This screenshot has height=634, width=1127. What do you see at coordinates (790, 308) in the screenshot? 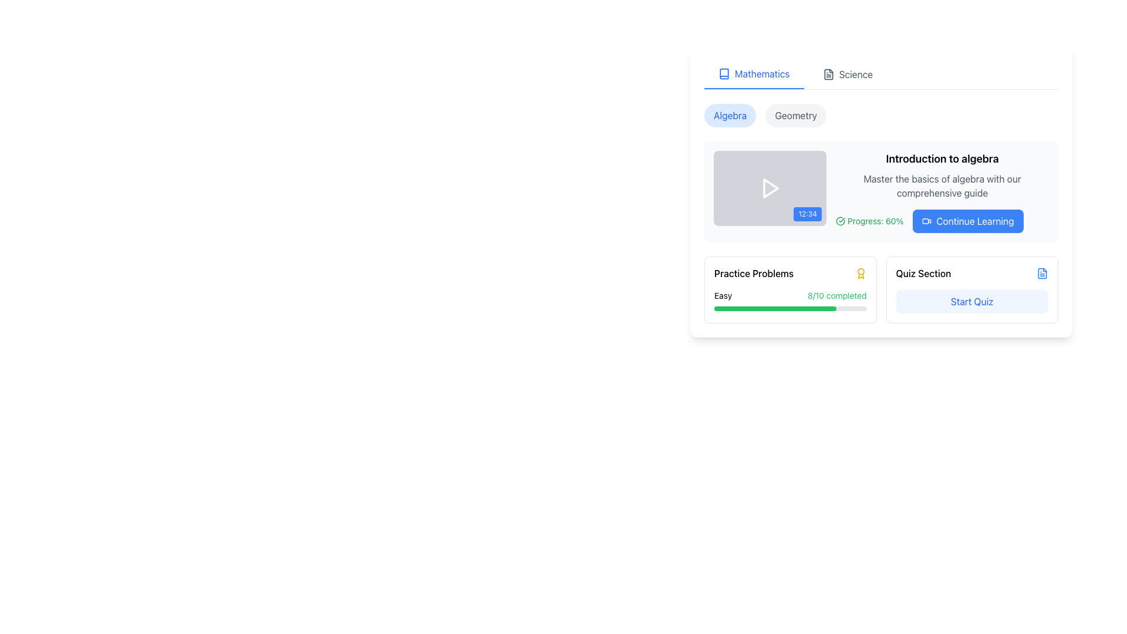
I see `progress bar representing the completion of the 'Easy' task in 'Practice Problems', which shows 8 out of 10 completed` at bounding box center [790, 308].